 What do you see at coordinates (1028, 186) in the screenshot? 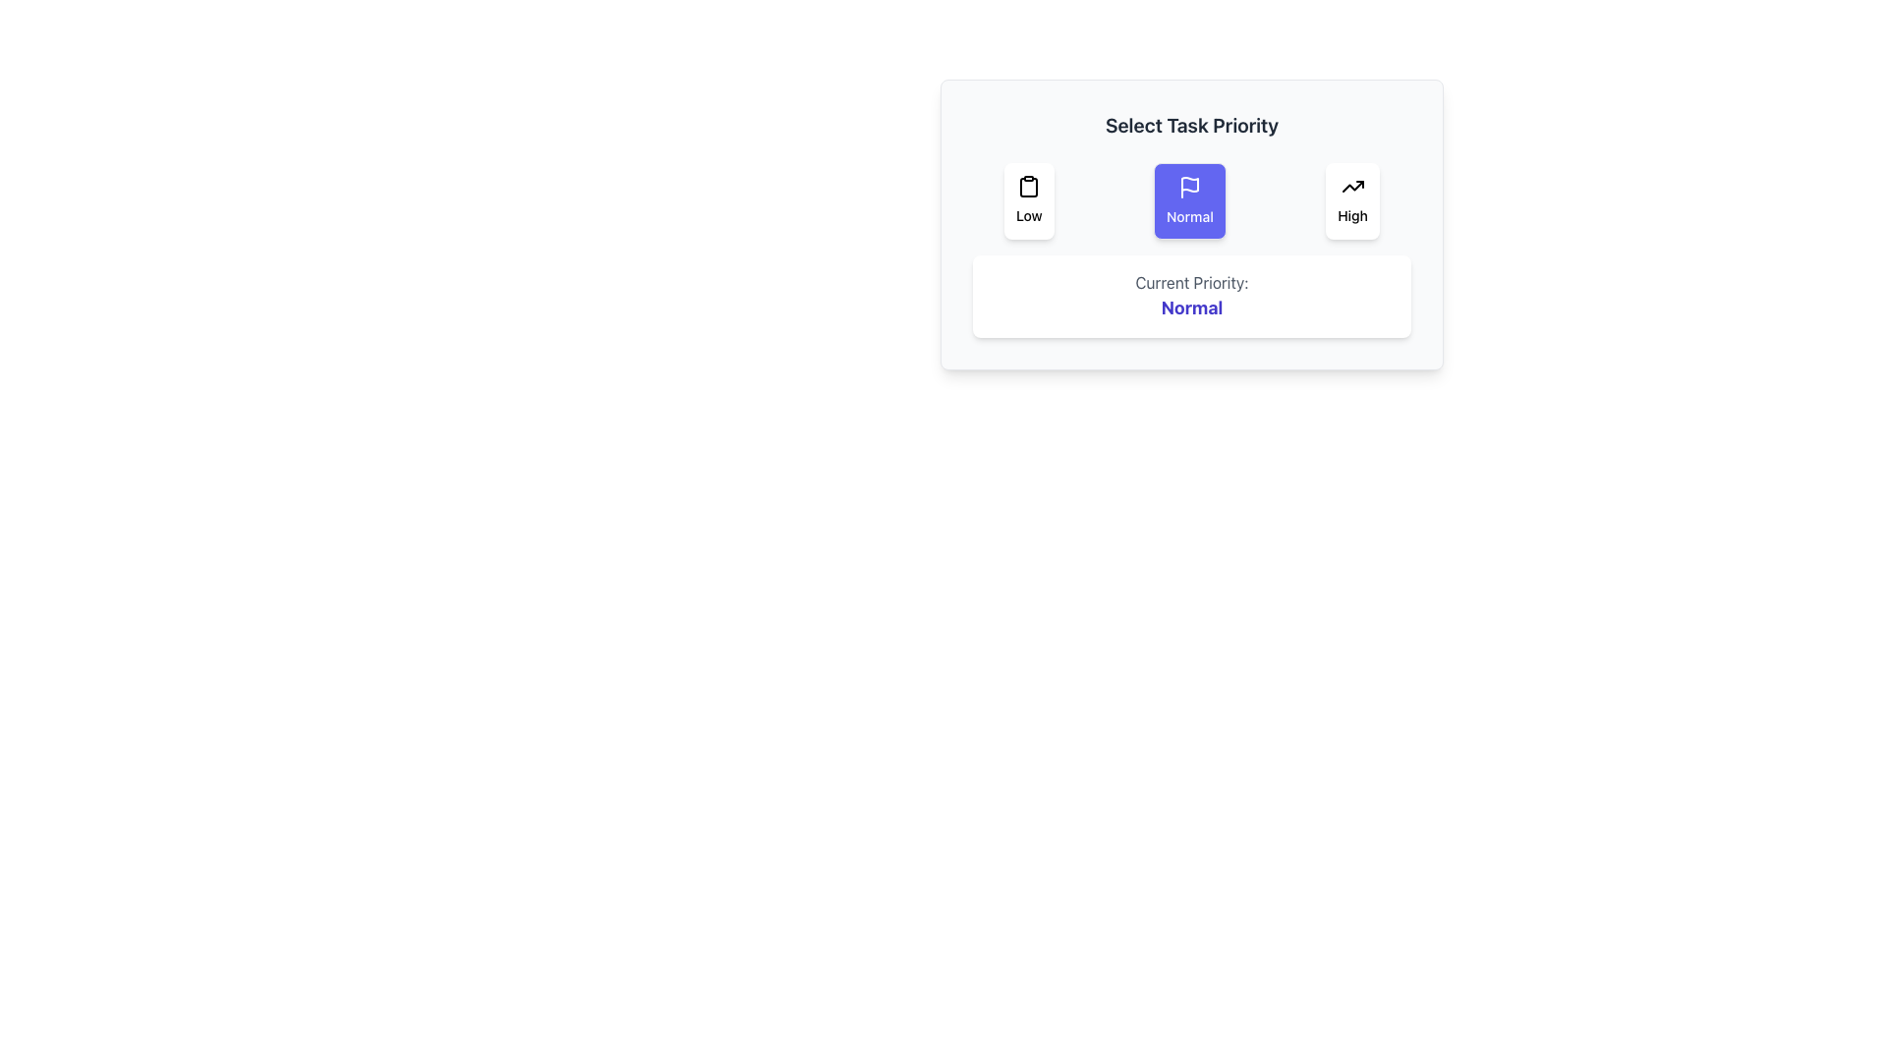
I see `the clipboard icon that represents the 'Low' task priority button, which is the leading option among three buttons for task priorities in a card titled 'Select Task Priority'` at bounding box center [1028, 186].